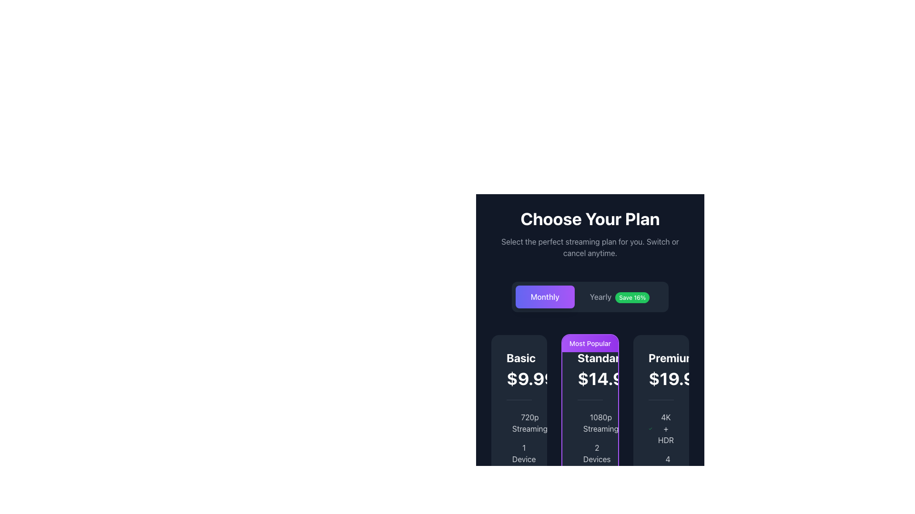  Describe the element at coordinates (590, 422) in the screenshot. I see `the text label that says '1080p Streaming' which is styled in gray and is the first item in the vertical list of features under the 'Standard' plan column` at that location.